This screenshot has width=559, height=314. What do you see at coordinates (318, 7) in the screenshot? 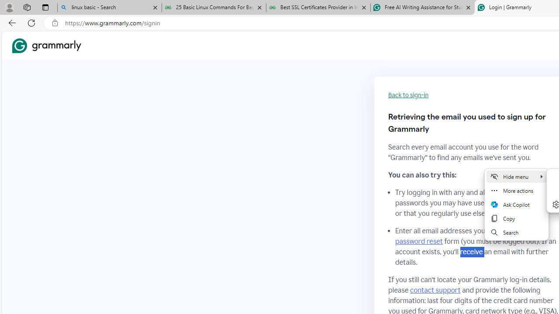
I see `'Best SSL Certificates Provider in India - GeeksforGeeks'` at bounding box center [318, 7].